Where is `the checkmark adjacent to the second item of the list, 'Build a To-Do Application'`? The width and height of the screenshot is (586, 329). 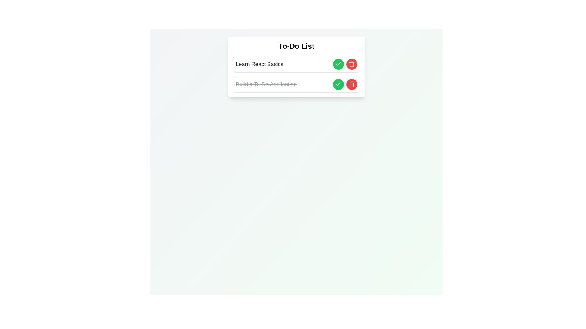 the checkmark adjacent to the second item of the list, 'Build a To-Do Application' is located at coordinates (338, 64).